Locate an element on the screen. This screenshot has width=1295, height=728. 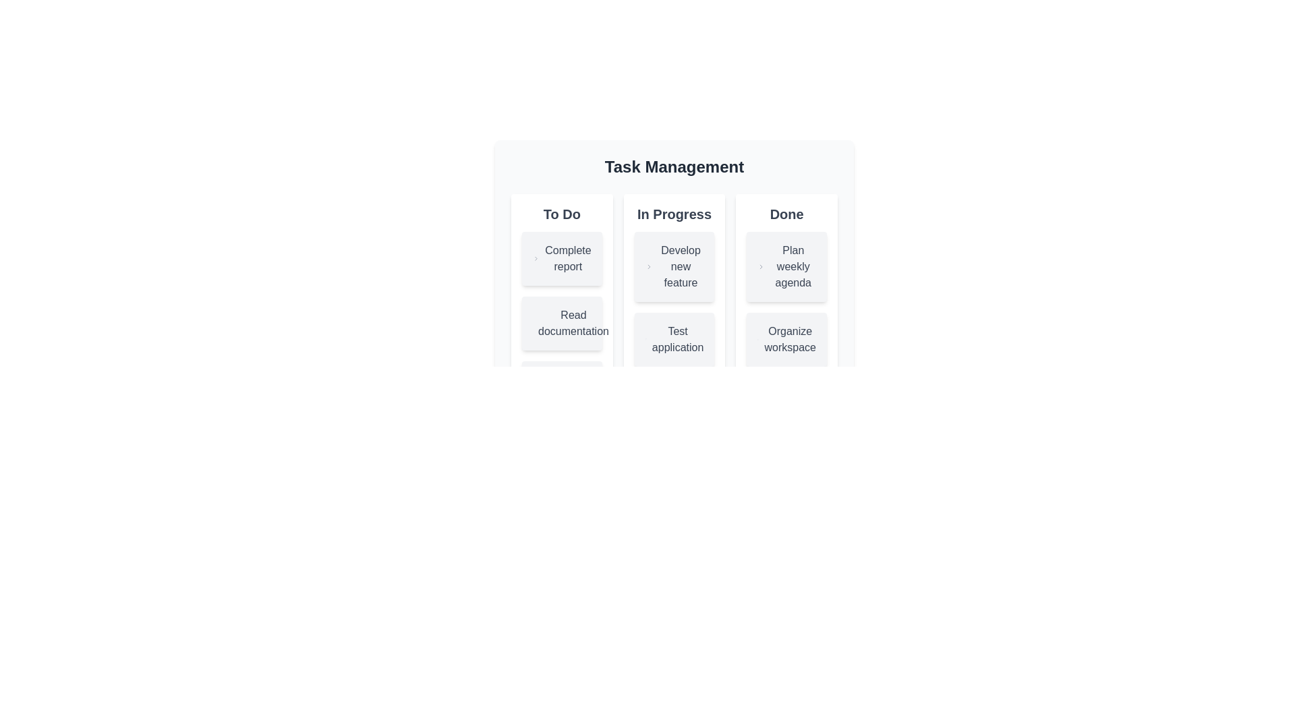
the task card labeled 'Develop new feature' from the 'In Progress' column is located at coordinates (674, 267).